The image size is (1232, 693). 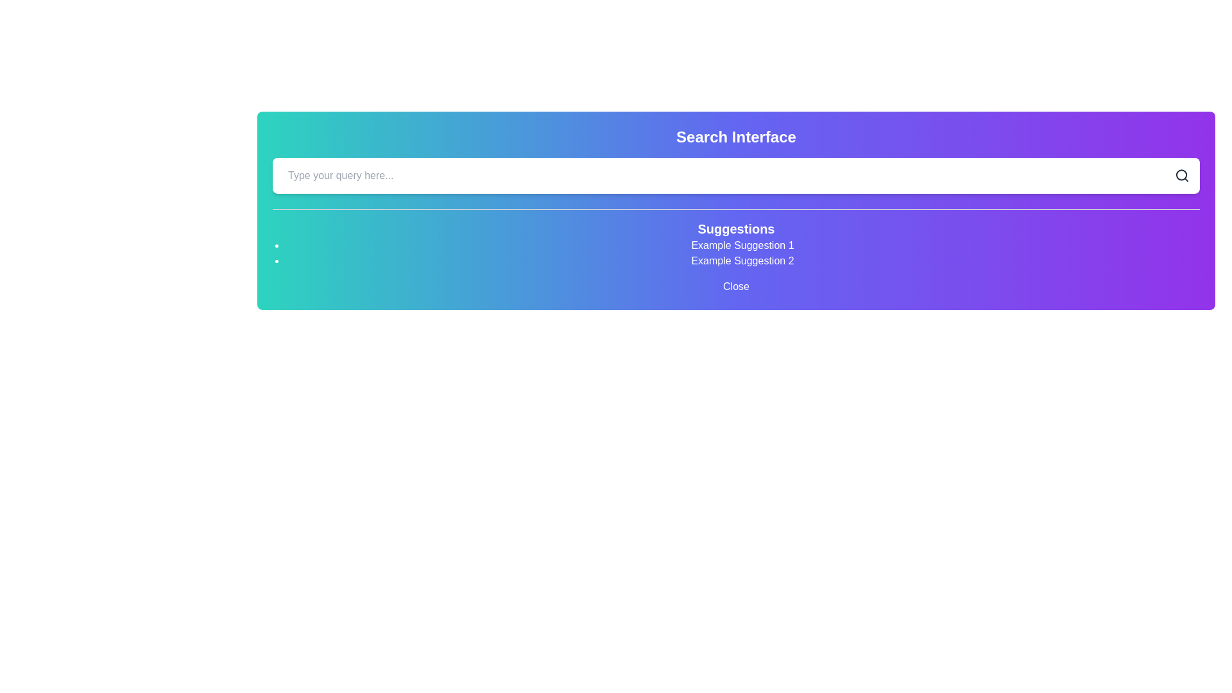 What do you see at coordinates (1181, 175) in the screenshot?
I see `the circular icon of the search symbol located towards the right edge of the search bar` at bounding box center [1181, 175].